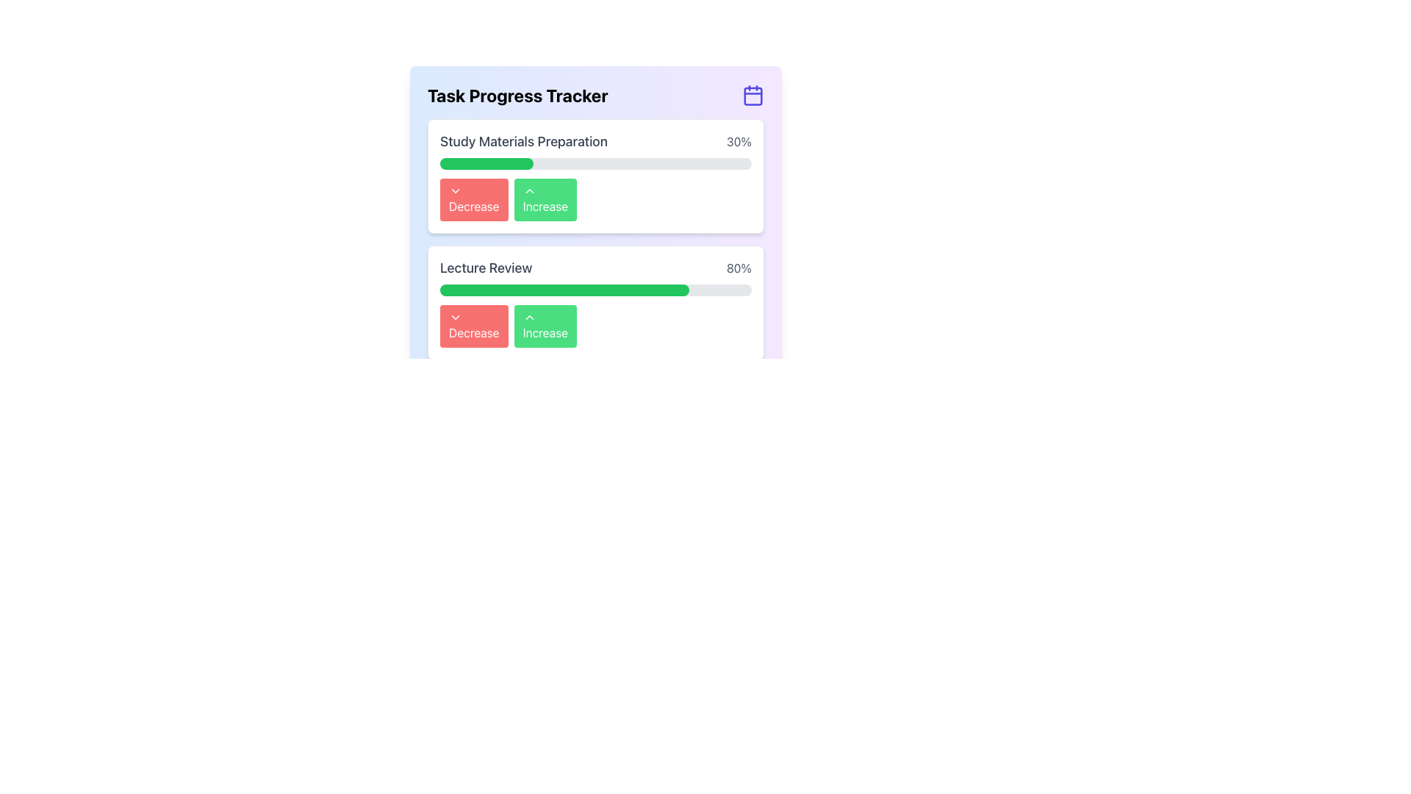  What do you see at coordinates (529, 317) in the screenshot?
I see `the upward-pointing chevron icon inside the green 'Increase' button, which indicates an increment action` at bounding box center [529, 317].